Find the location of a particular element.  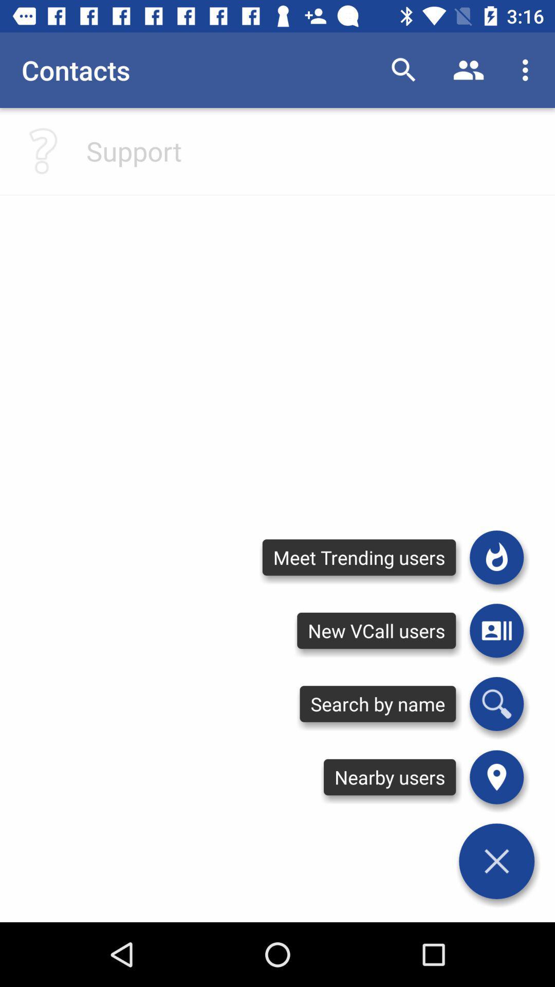

icon to the right of search by name is located at coordinates (496, 777).